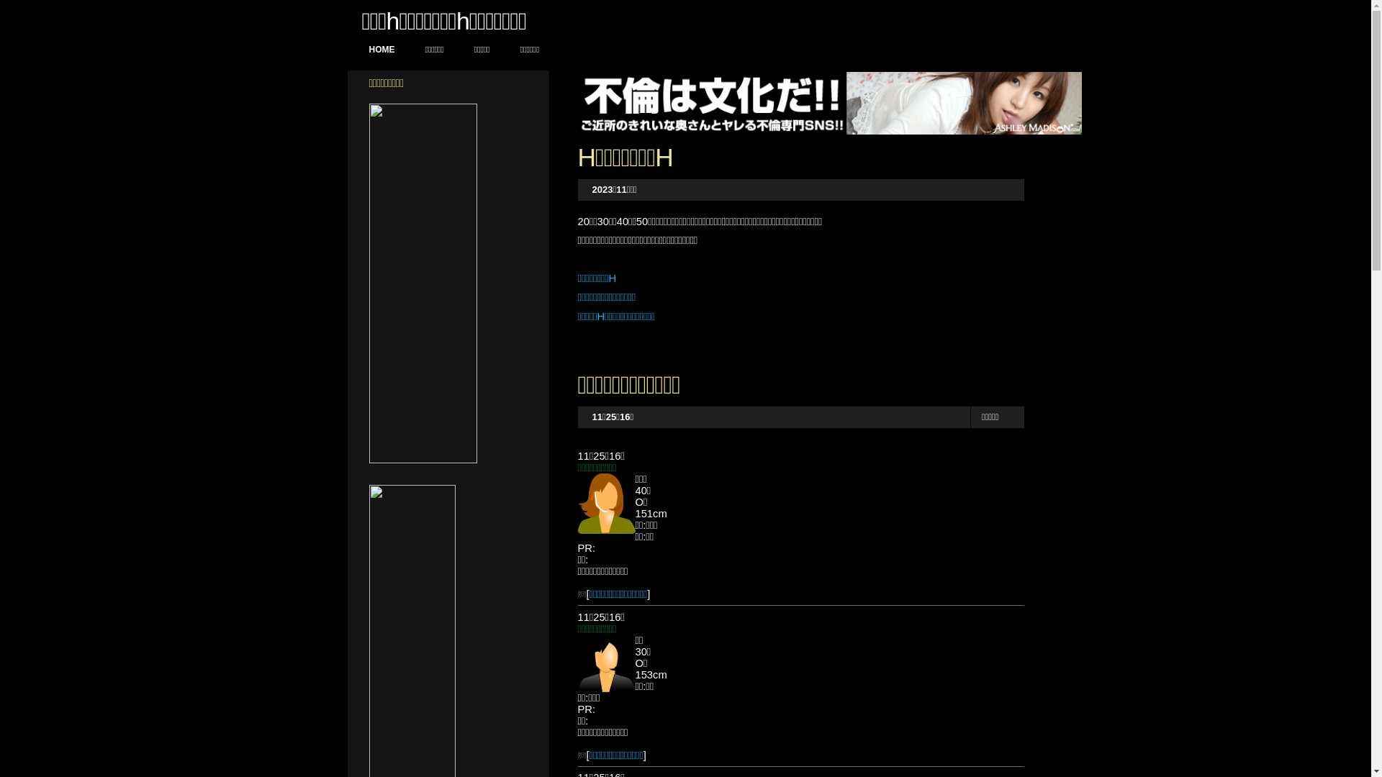  I want to click on 'HOME', so click(381, 49).